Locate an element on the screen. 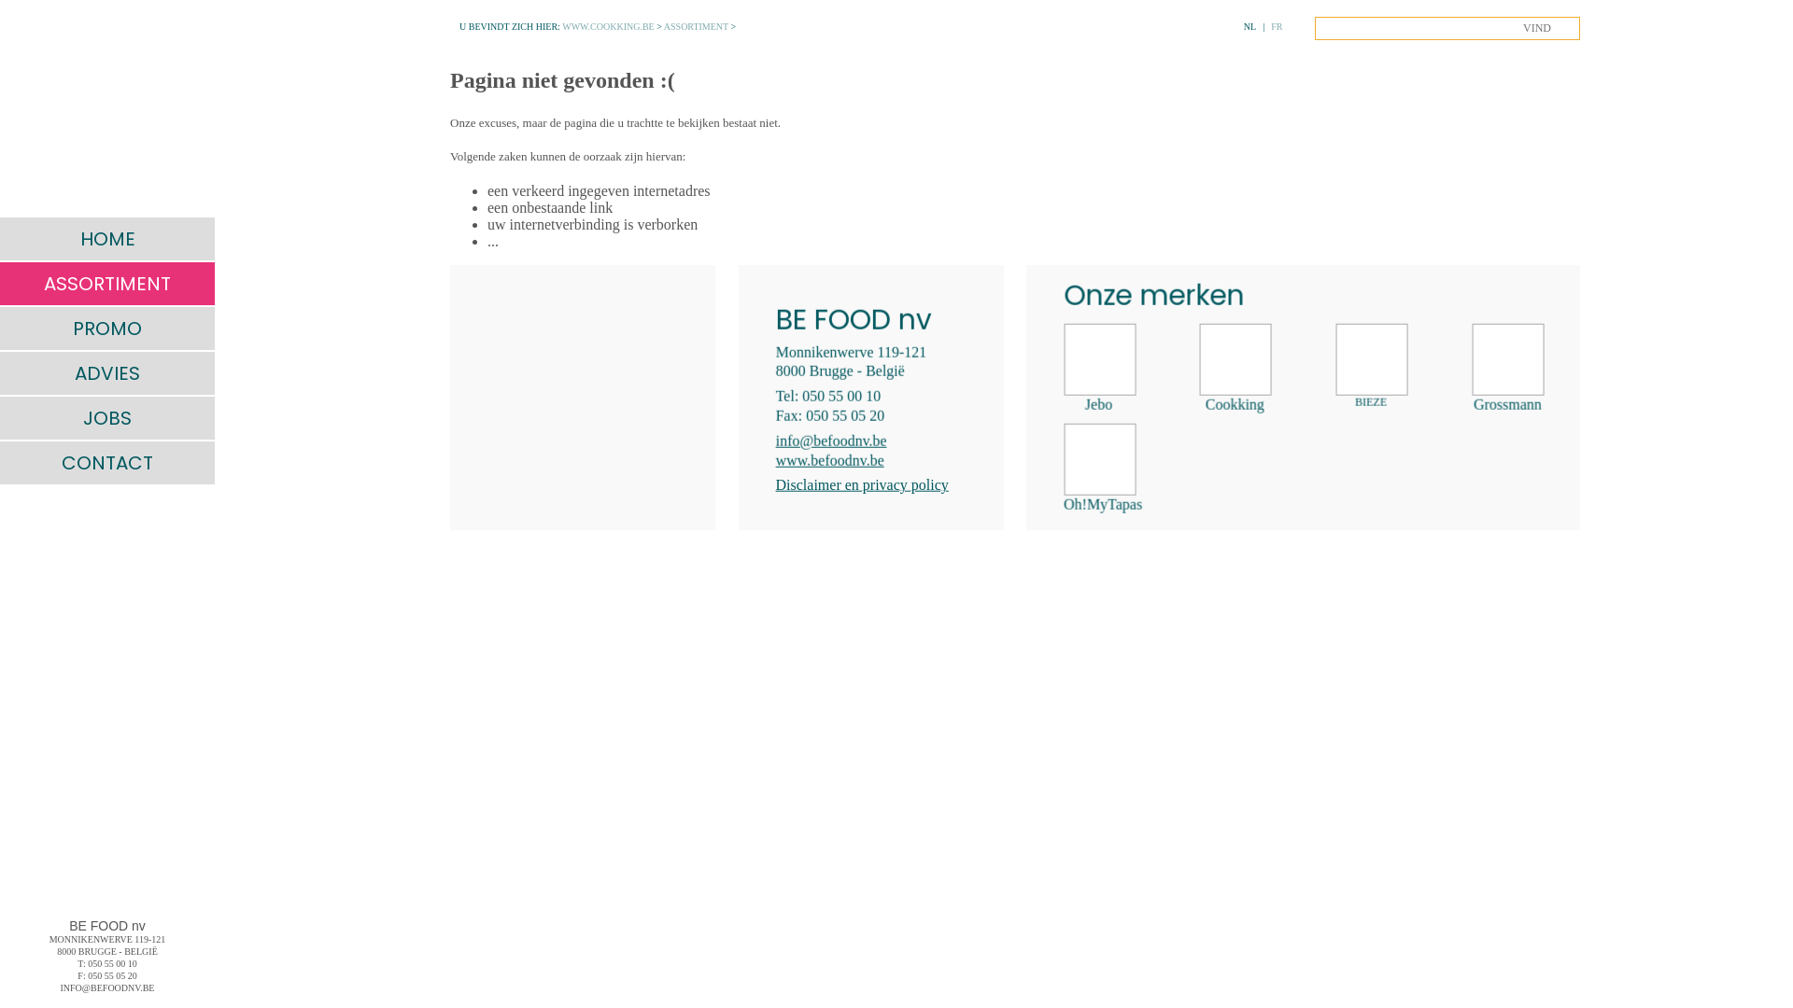 The image size is (1793, 1008). 'CONTACT' is located at coordinates (106, 462).